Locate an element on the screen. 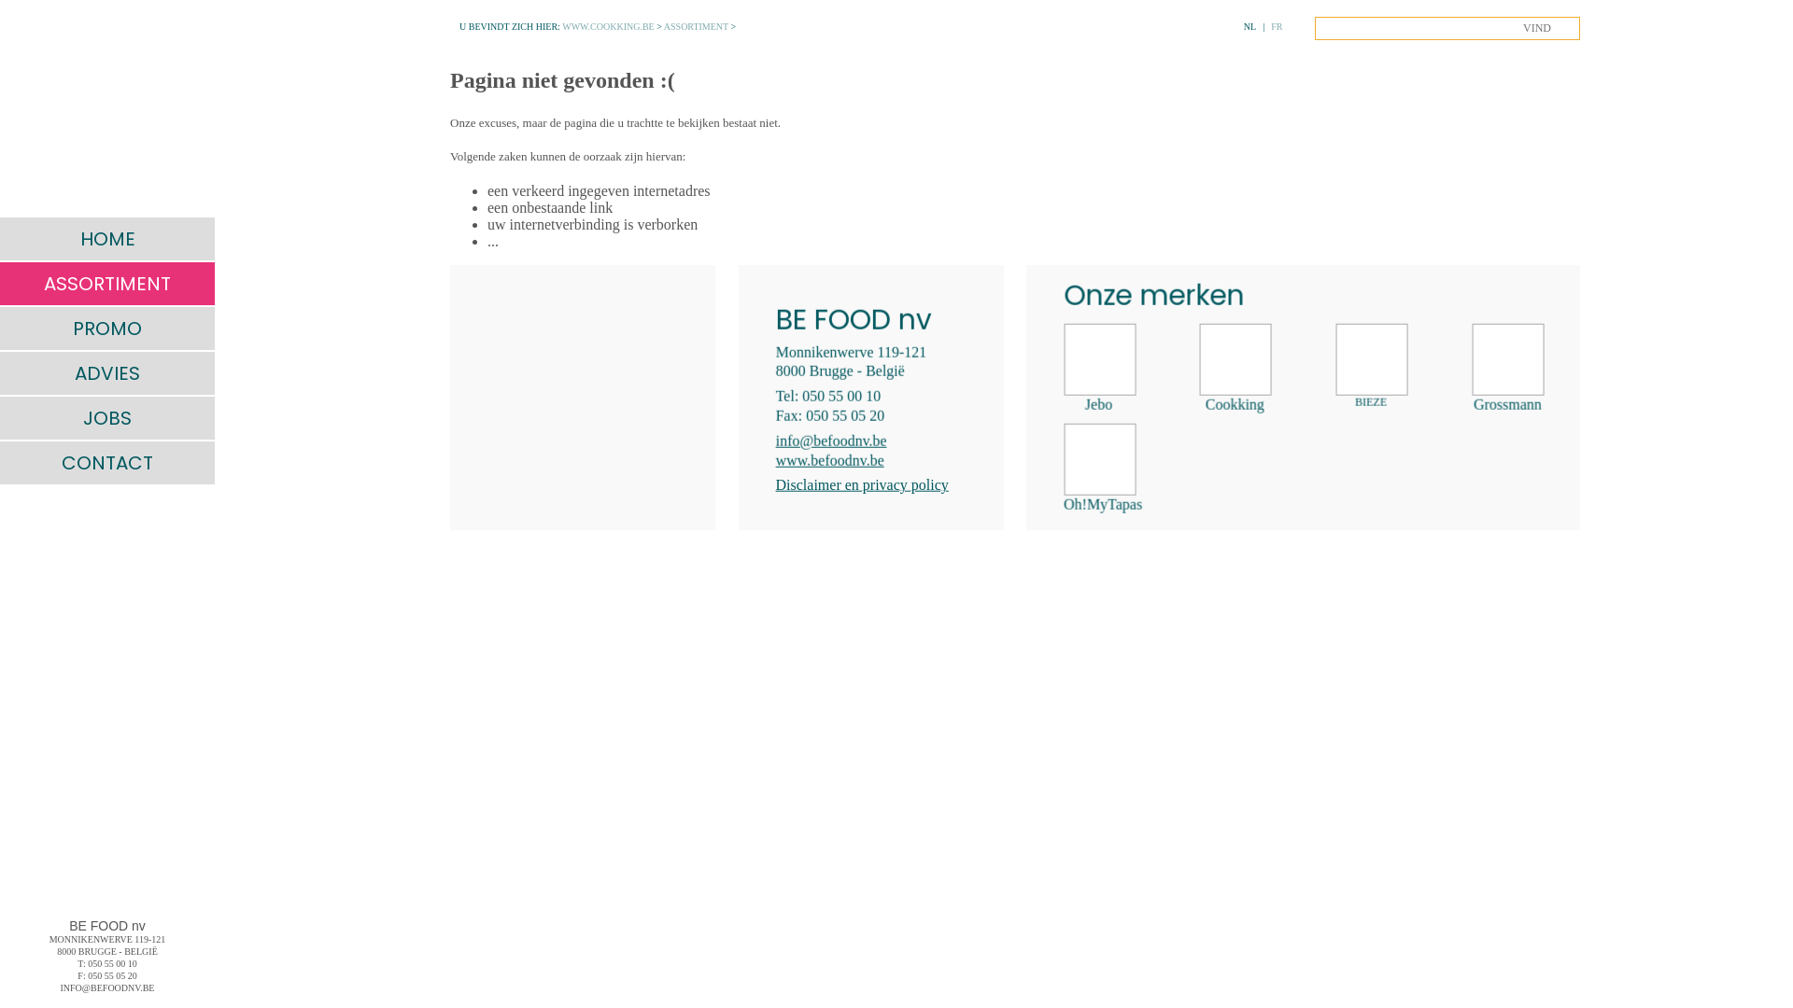 The image size is (1793, 1008). 'CONTACT' is located at coordinates (106, 462).